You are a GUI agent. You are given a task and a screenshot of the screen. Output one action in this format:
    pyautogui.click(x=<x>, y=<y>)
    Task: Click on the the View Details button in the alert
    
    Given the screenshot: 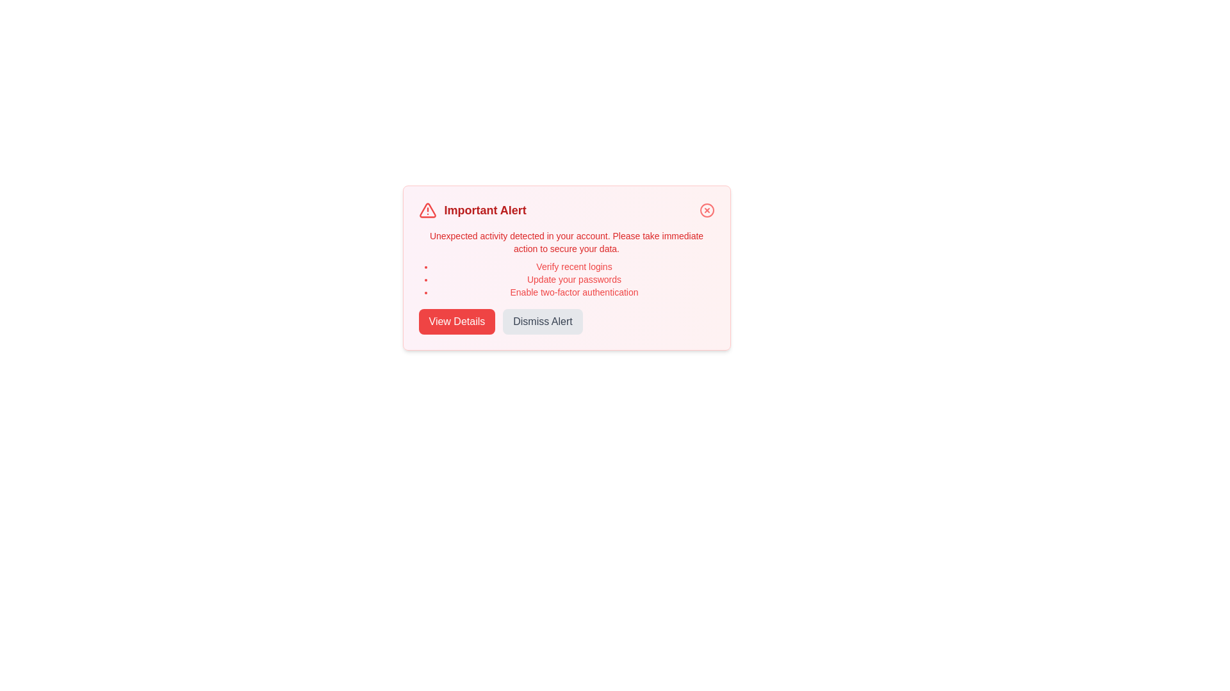 What is the action you would take?
    pyautogui.click(x=457, y=321)
    